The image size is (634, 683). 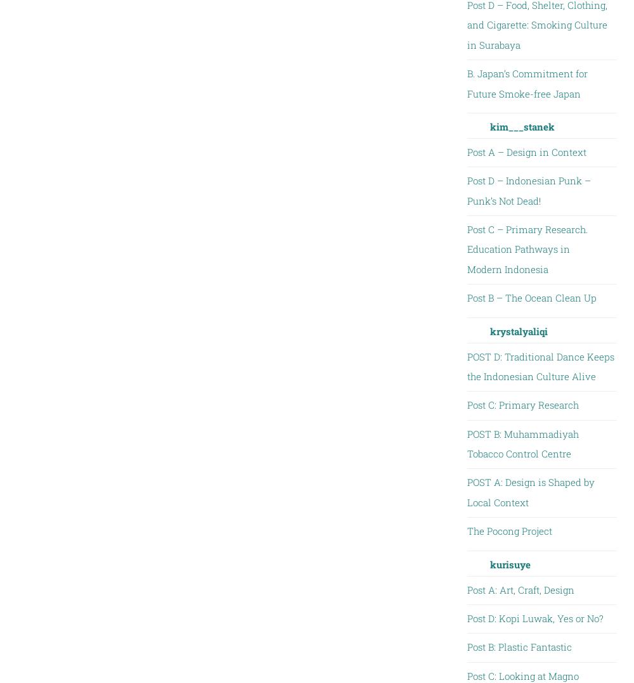 What do you see at coordinates (529, 491) in the screenshot?
I see `'POST A: Design is Shaped by Local Context'` at bounding box center [529, 491].